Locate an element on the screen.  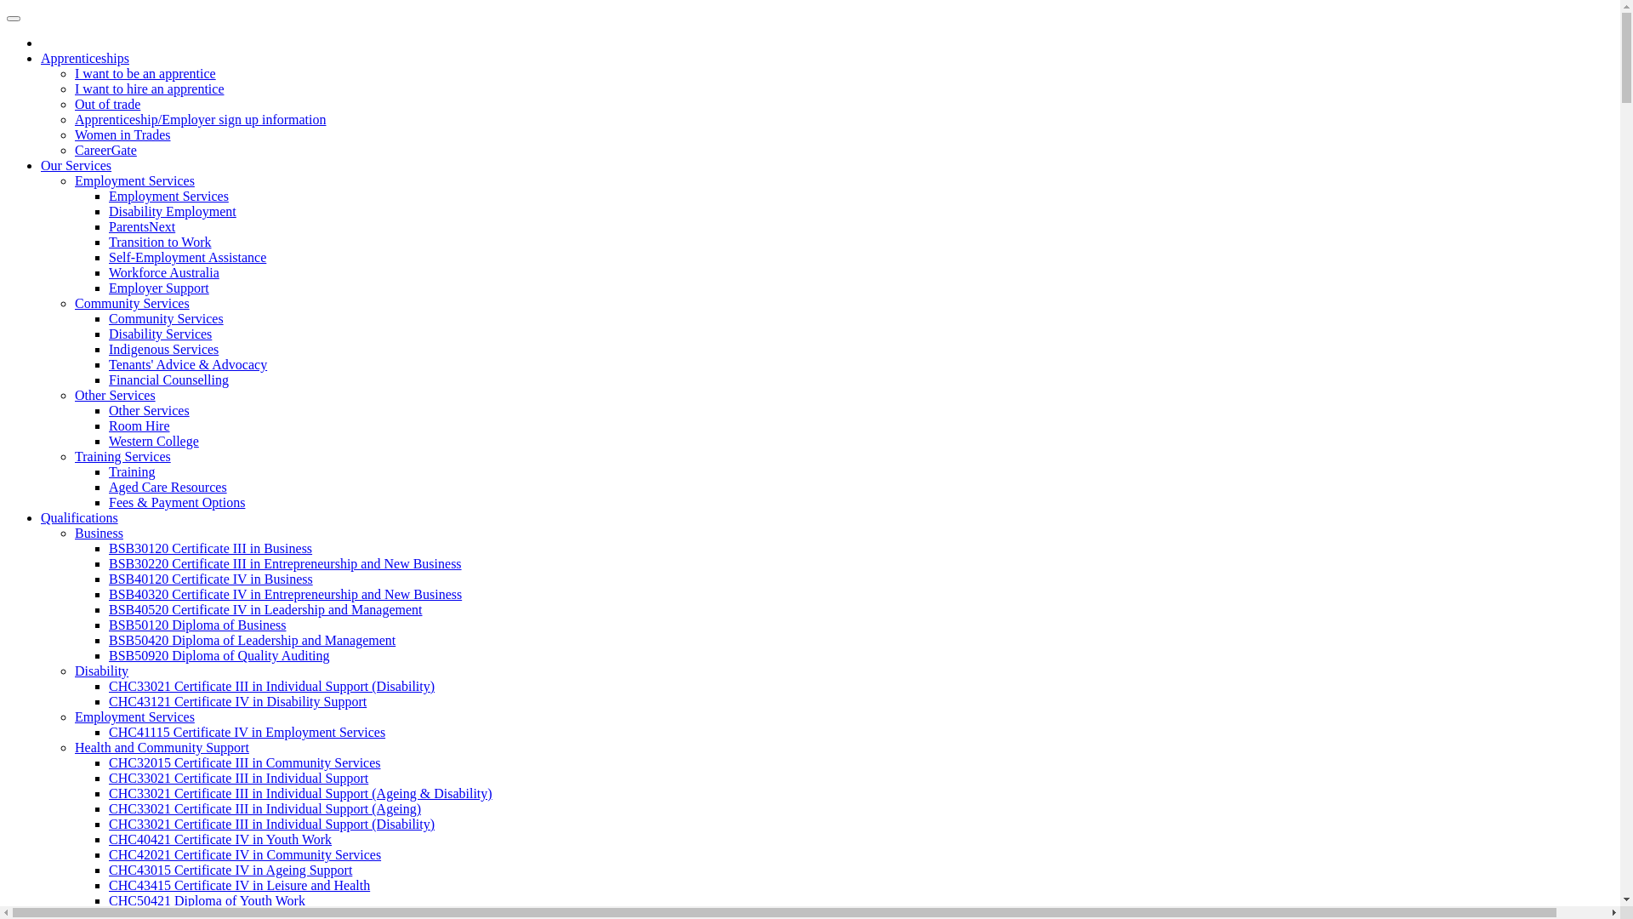
'ParentsNext' is located at coordinates (142, 225).